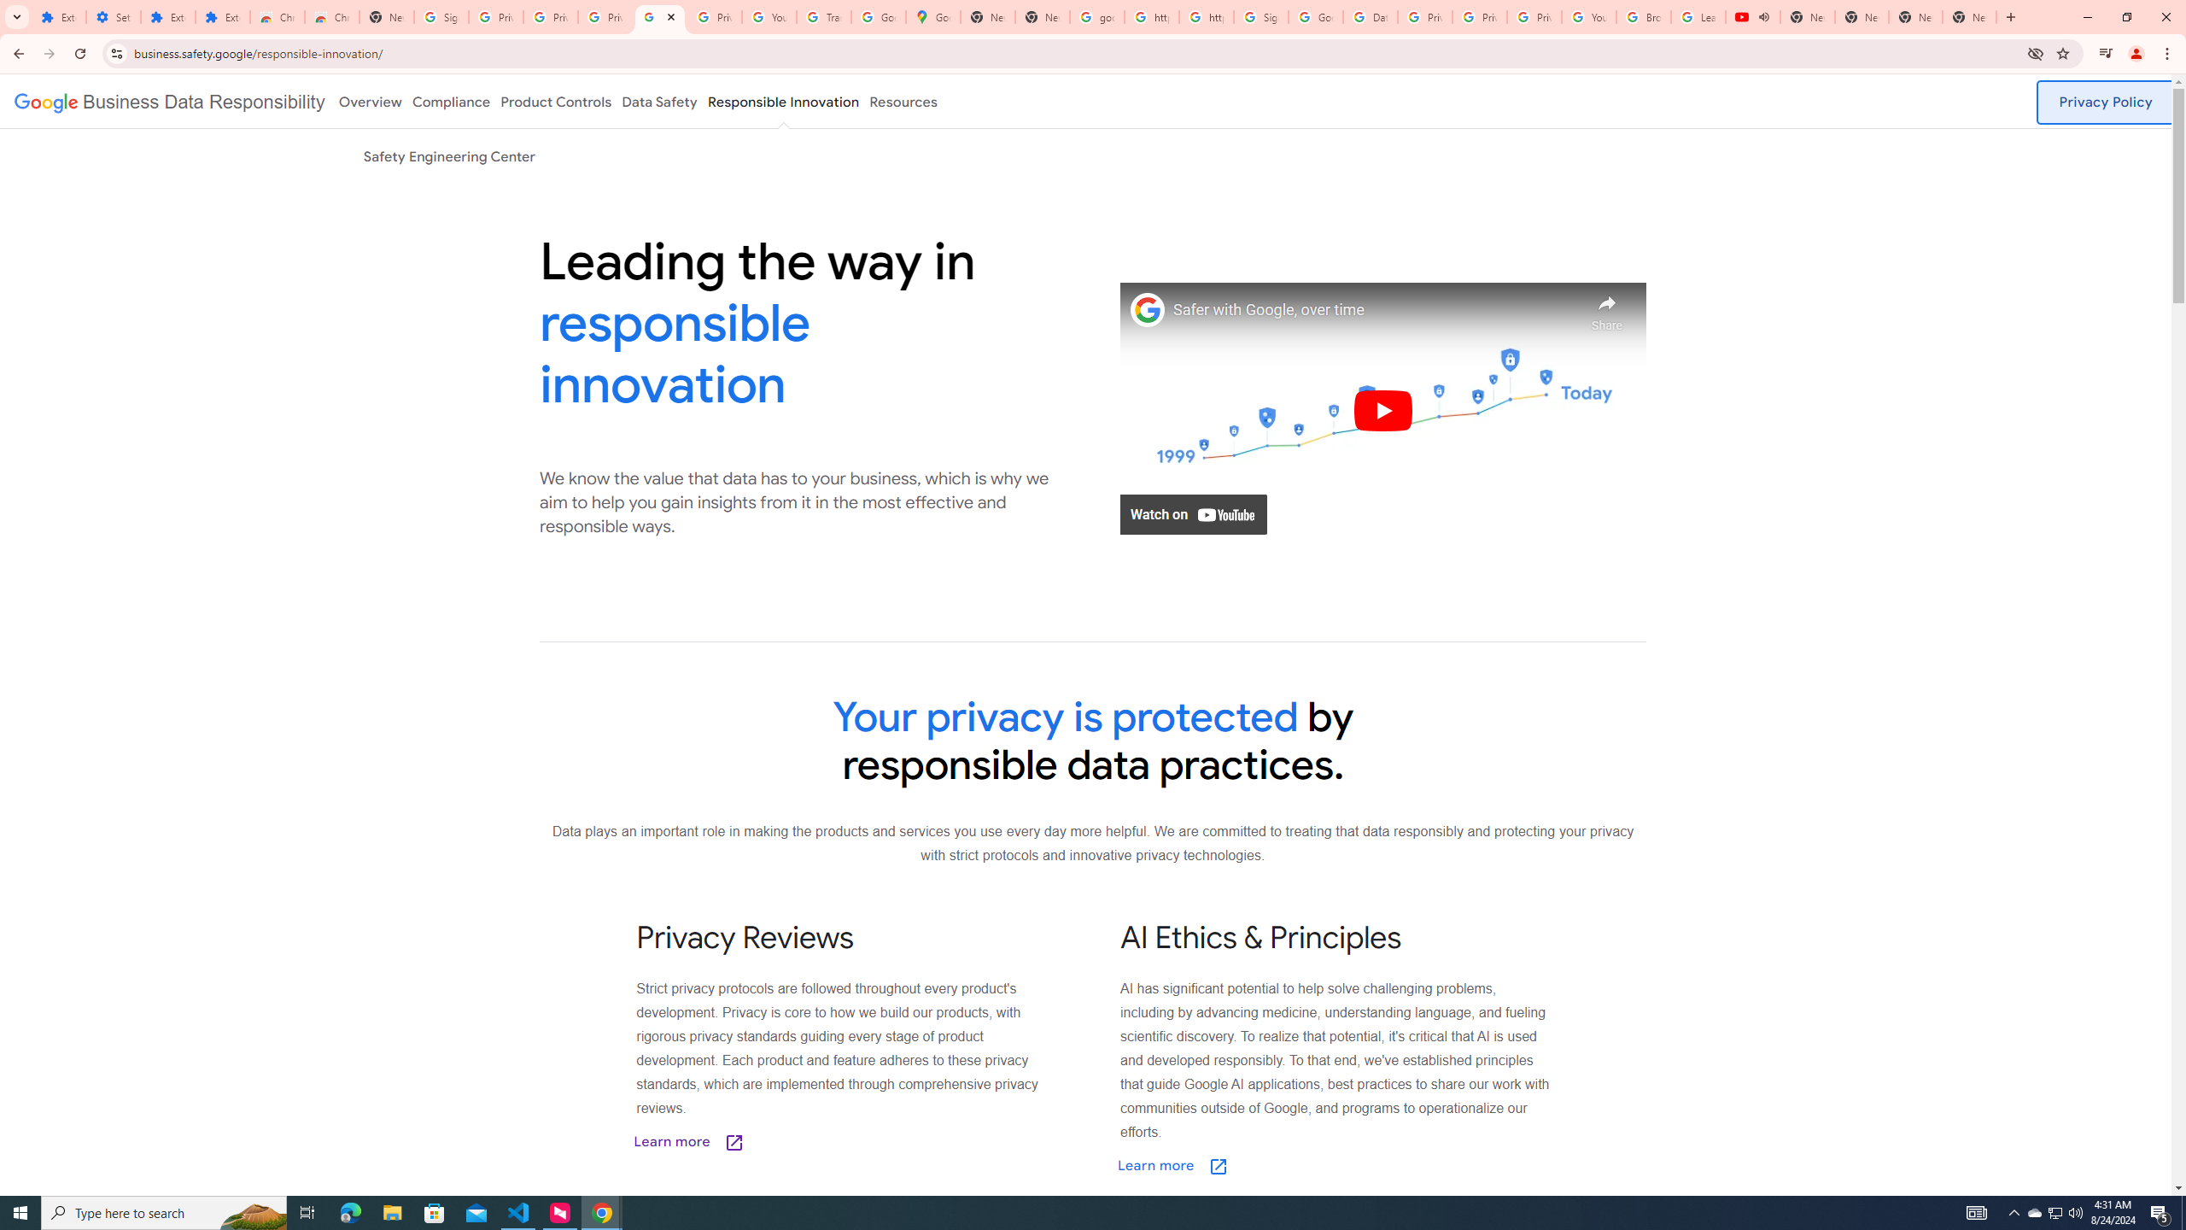  Describe the element at coordinates (932, 16) in the screenshot. I see `'Google Maps'` at that location.